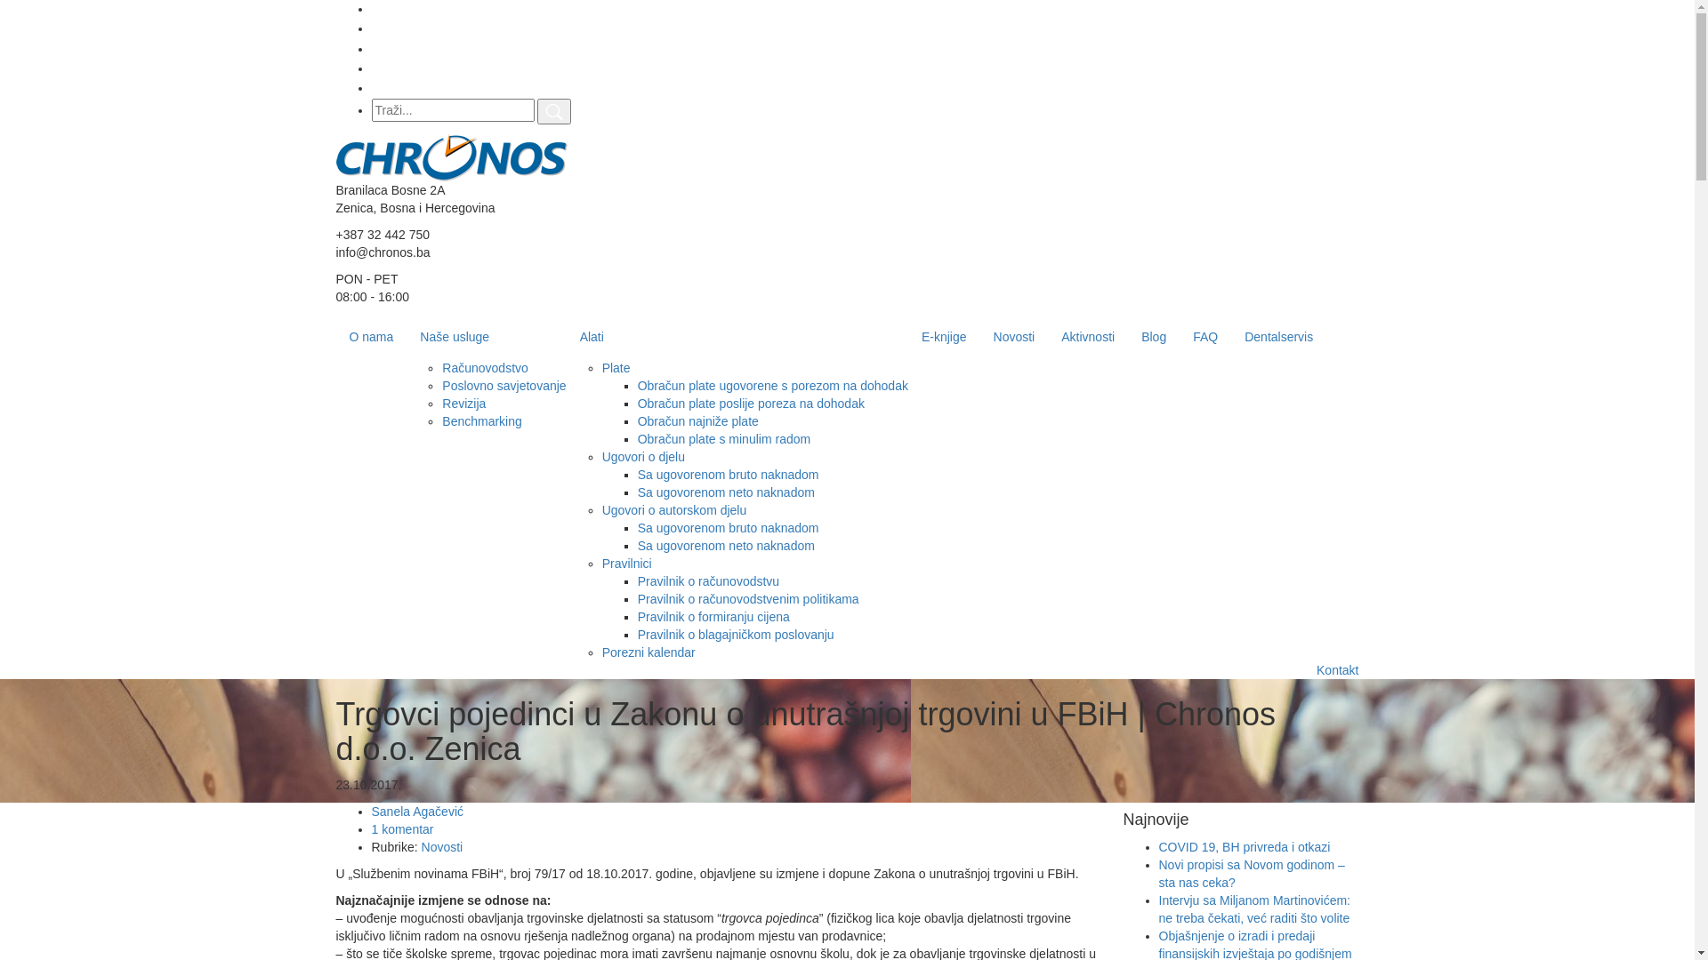 Image resolution: width=1708 pixels, height=960 pixels. What do you see at coordinates (1243, 845) in the screenshot?
I see `'COVID 19, BH privreda i otkazi'` at bounding box center [1243, 845].